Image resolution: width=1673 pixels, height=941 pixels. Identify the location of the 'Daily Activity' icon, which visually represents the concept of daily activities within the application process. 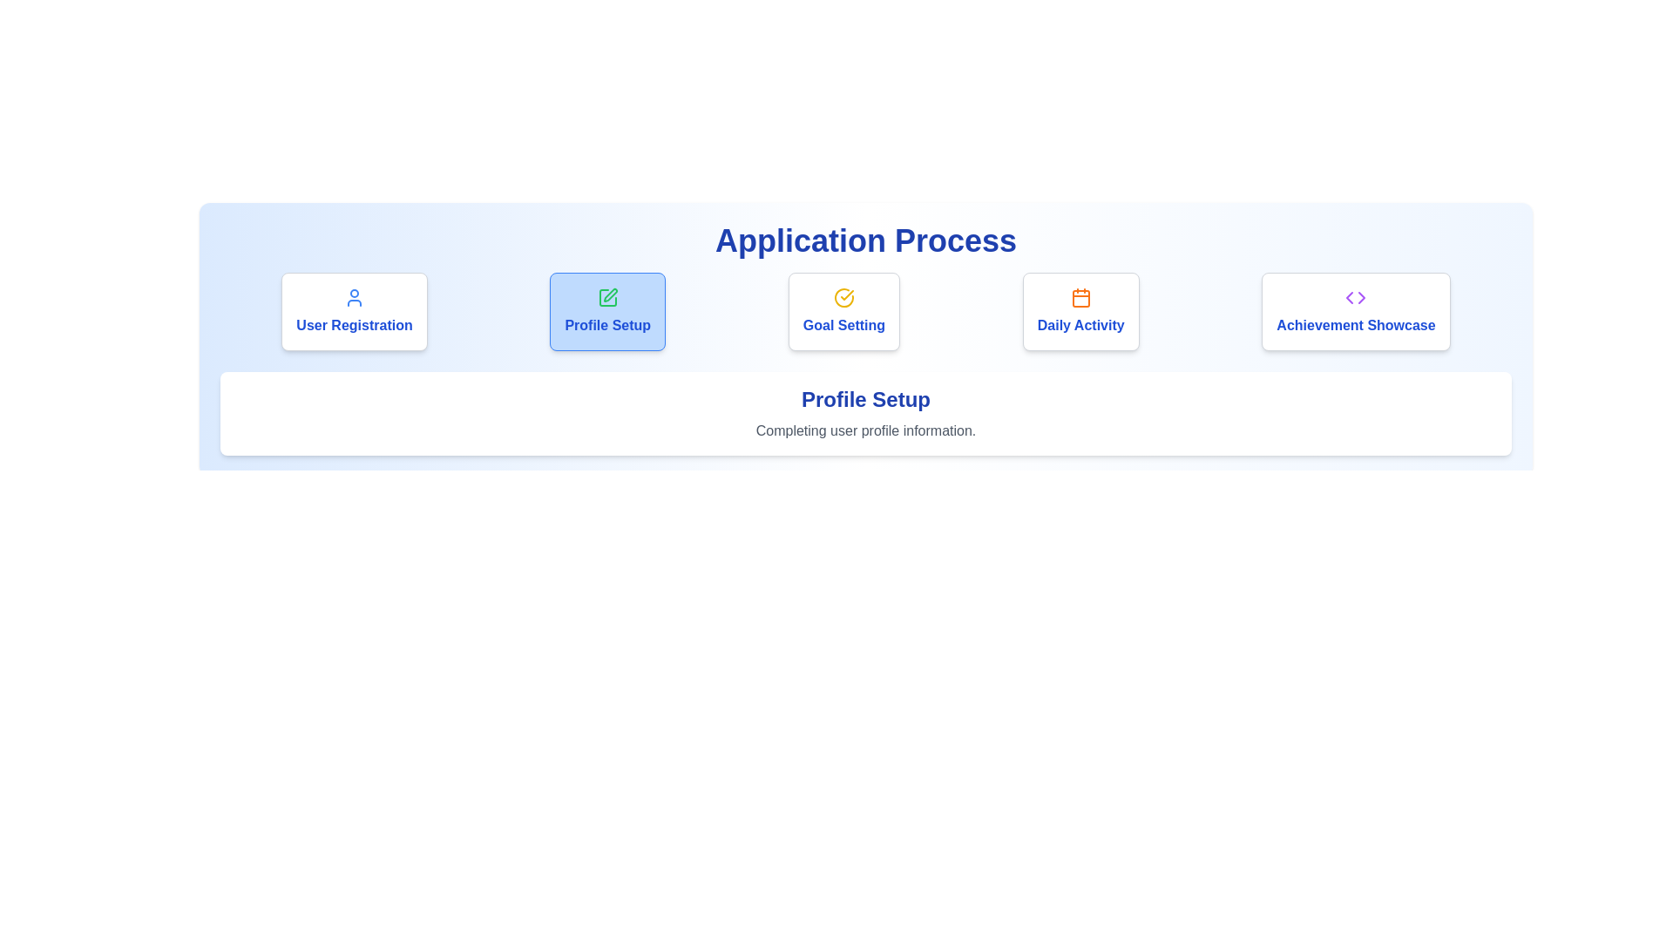
(1080, 298).